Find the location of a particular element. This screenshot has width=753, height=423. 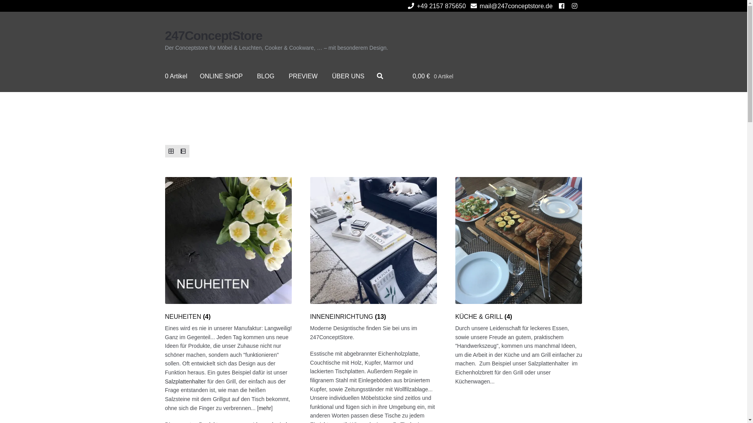

'mail@247conceptstore.de' is located at coordinates (510, 6).